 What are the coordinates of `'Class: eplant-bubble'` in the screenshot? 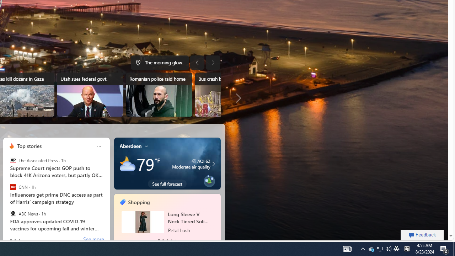 It's located at (209, 181).